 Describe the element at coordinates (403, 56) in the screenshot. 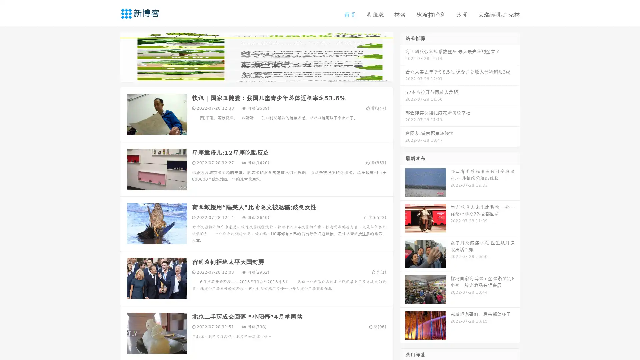

I see `Next slide` at that location.